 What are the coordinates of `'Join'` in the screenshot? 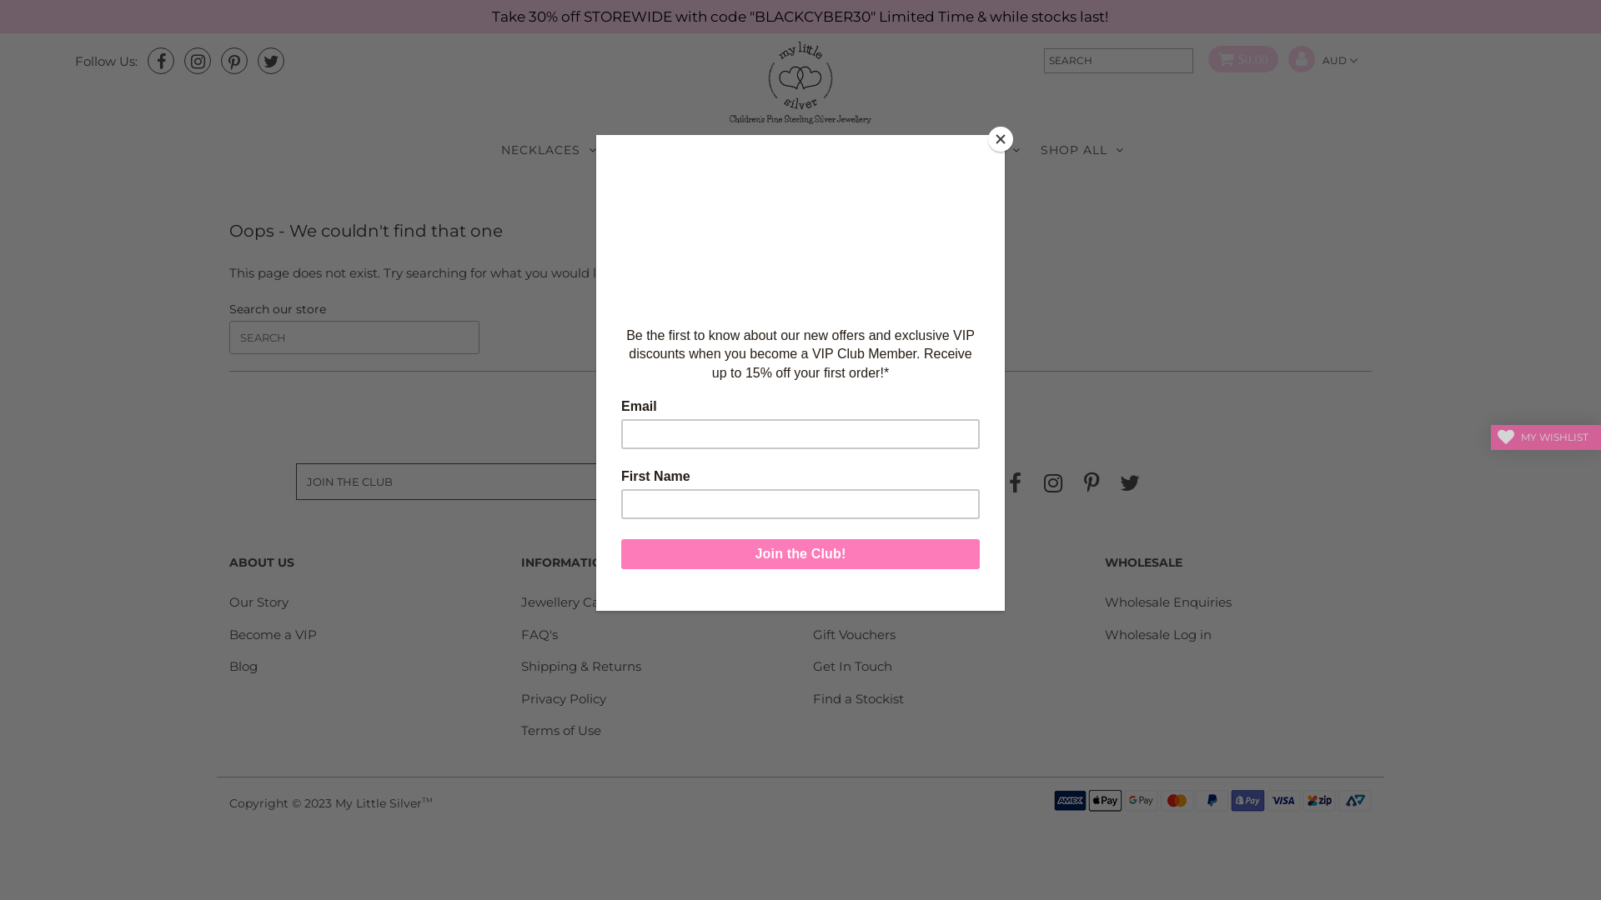 It's located at (683, 482).